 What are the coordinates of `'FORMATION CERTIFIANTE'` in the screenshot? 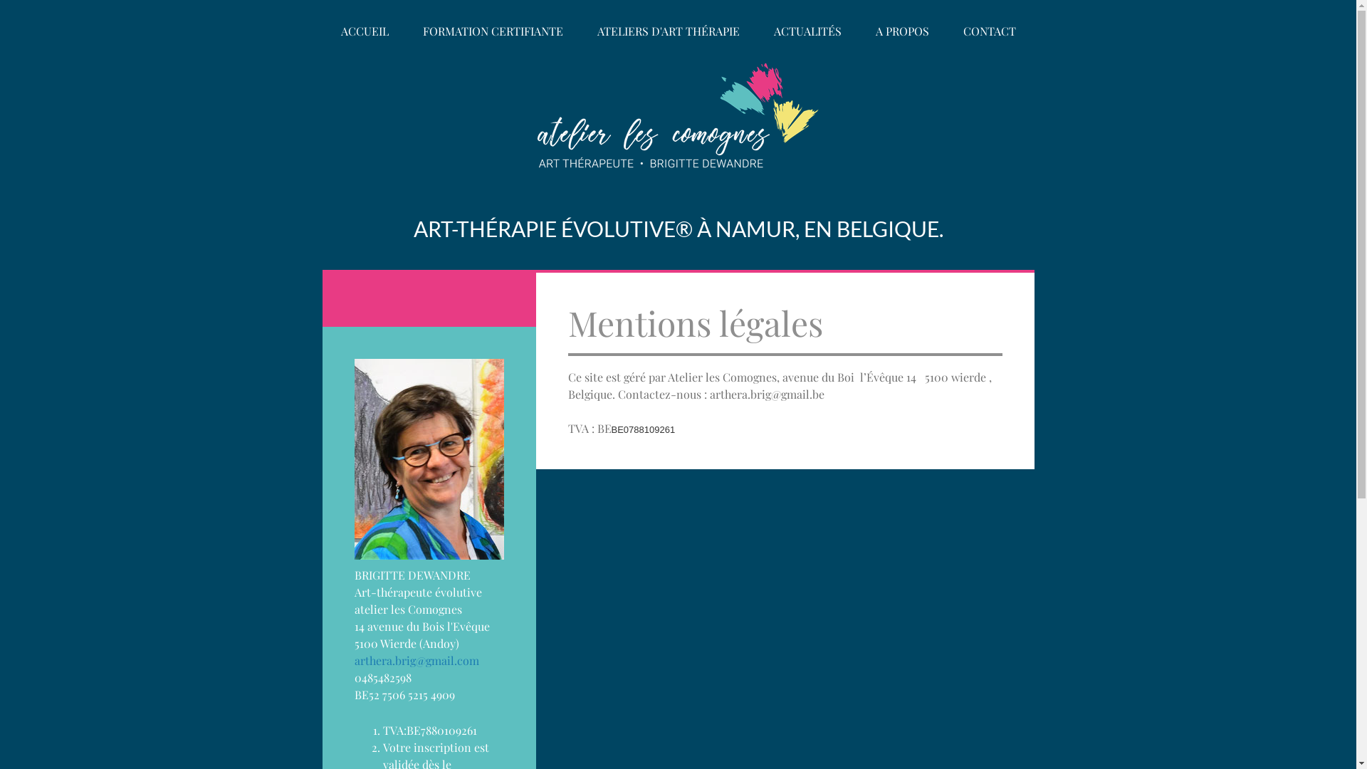 It's located at (493, 32).